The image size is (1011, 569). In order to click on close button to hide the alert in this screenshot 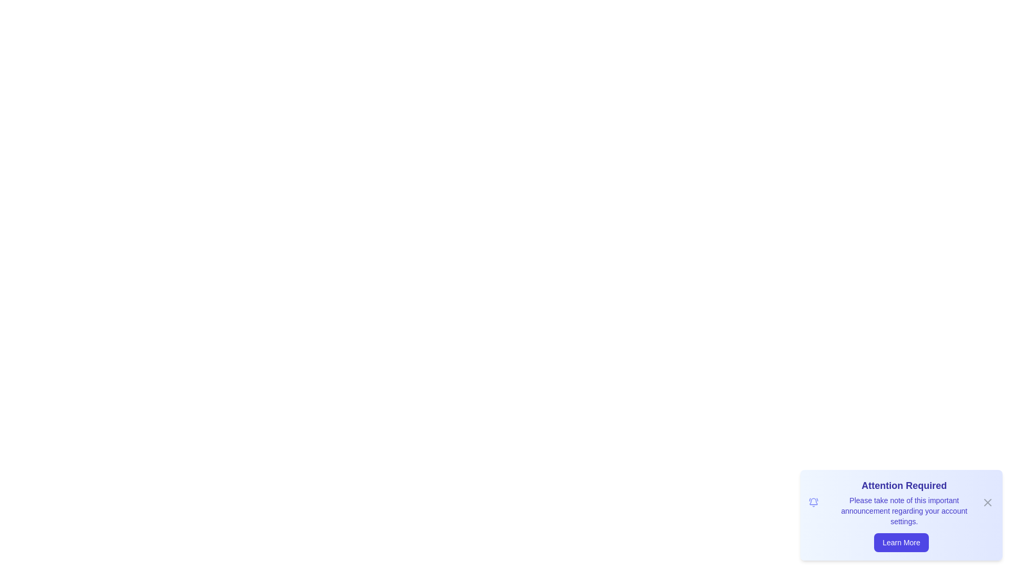, I will do `click(987, 502)`.